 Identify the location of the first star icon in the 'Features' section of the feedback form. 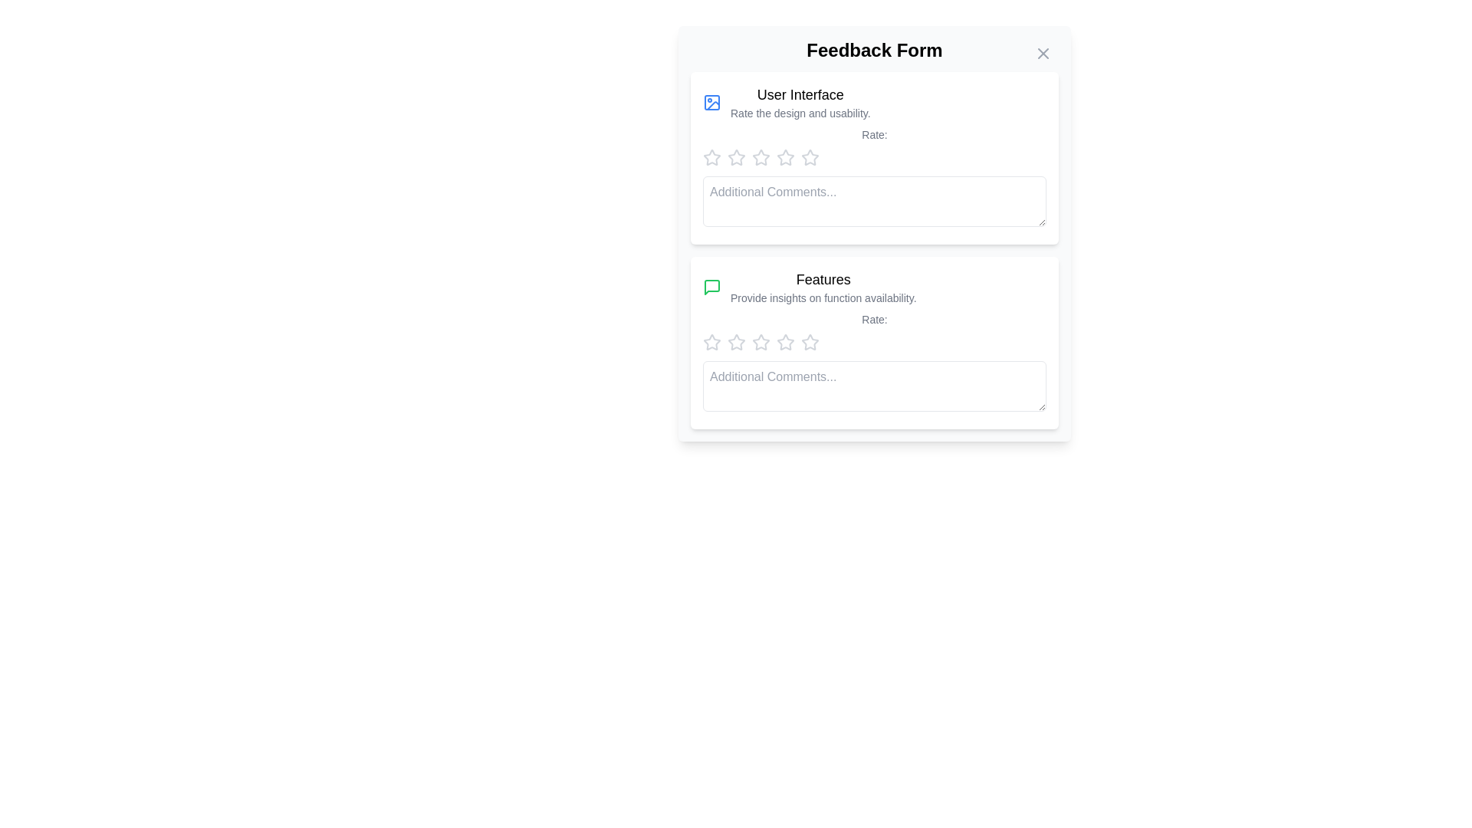
(736, 341).